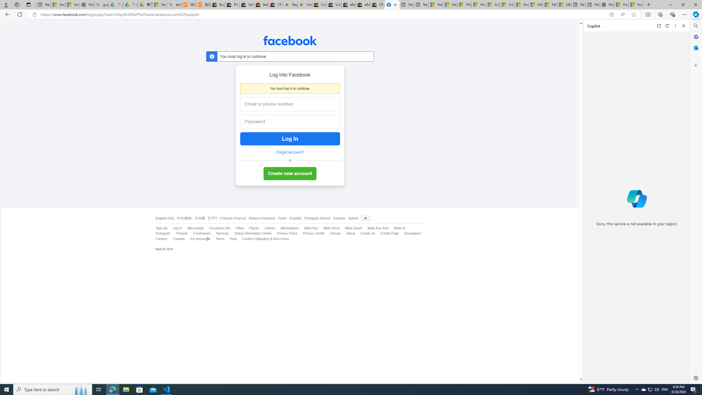 Image resolution: width=702 pixels, height=395 pixels. Describe the element at coordinates (164, 218) in the screenshot. I see `'English (US)'` at that location.